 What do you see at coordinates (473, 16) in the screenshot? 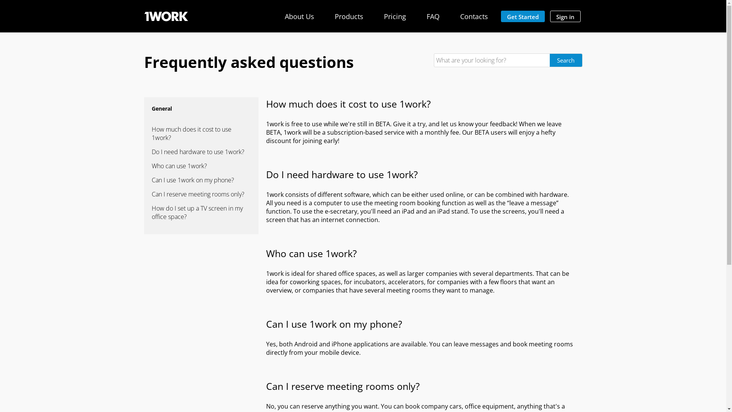
I see `'Contacts'` at bounding box center [473, 16].